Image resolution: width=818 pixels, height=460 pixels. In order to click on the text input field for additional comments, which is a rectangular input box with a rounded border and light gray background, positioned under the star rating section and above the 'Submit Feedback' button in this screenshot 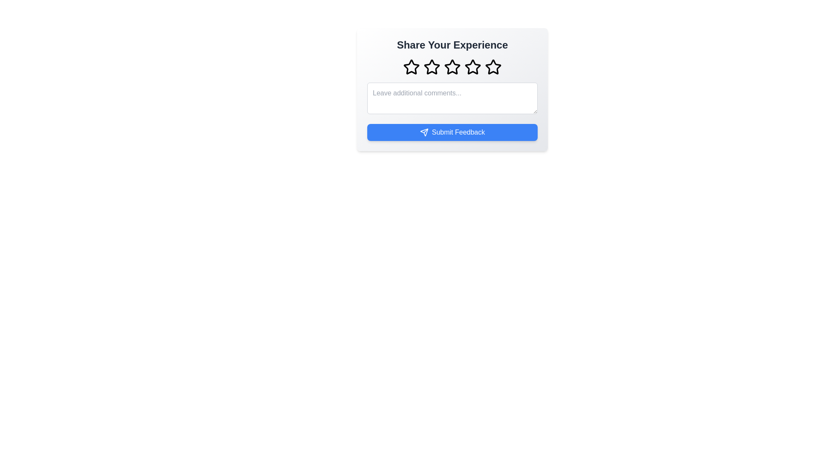, I will do `click(452, 89)`.